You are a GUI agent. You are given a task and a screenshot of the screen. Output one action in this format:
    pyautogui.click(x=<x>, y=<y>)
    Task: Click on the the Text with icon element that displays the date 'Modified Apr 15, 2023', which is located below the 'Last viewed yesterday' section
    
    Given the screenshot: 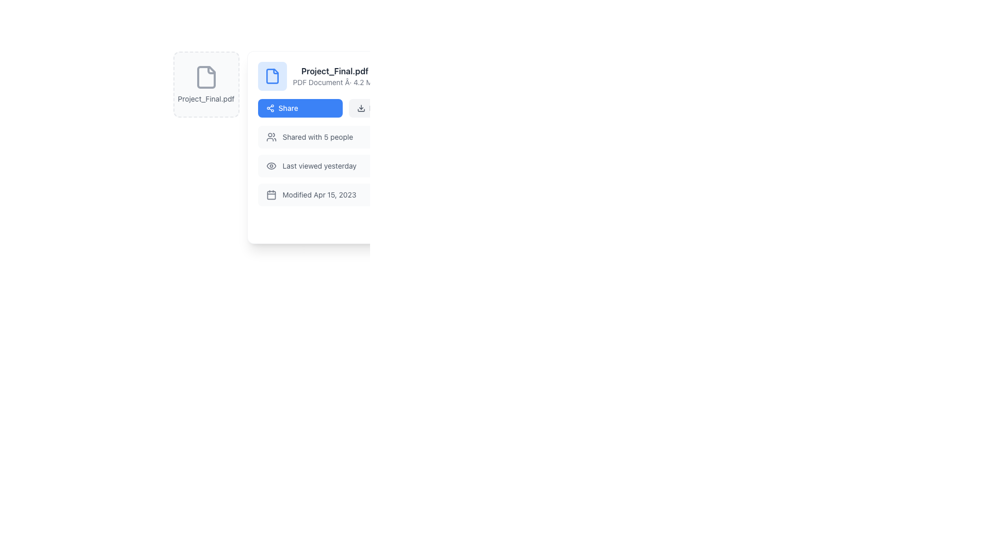 What is the action you would take?
    pyautogui.click(x=345, y=195)
    